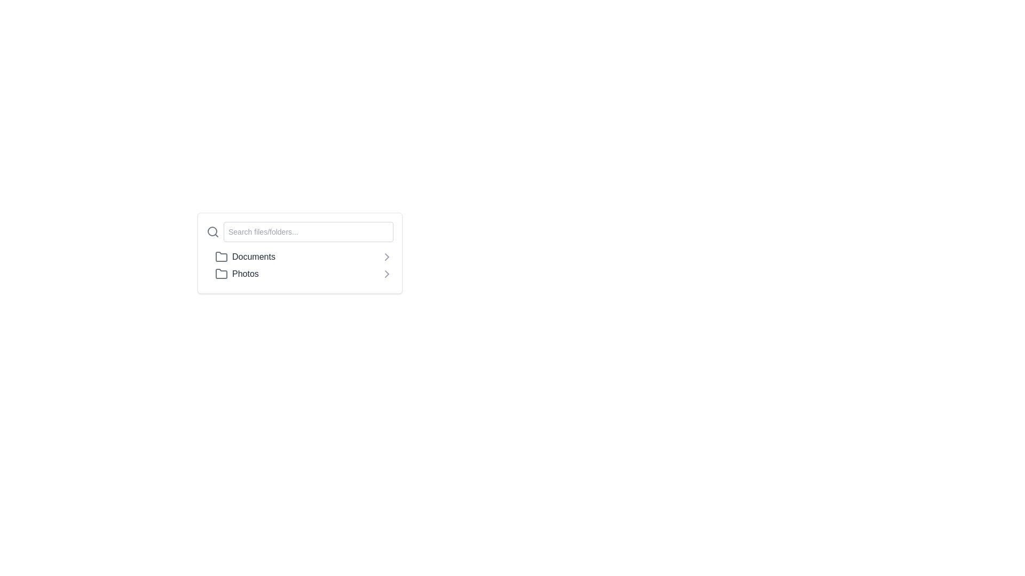 The image size is (1025, 576). What do you see at coordinates (212, 231) in the screenshot?
I see `the circular icon with a thin border at the center of the magnifying glass shape in the search icon, located in the top-left corner of the search bar` at bounding box center [212, 231].